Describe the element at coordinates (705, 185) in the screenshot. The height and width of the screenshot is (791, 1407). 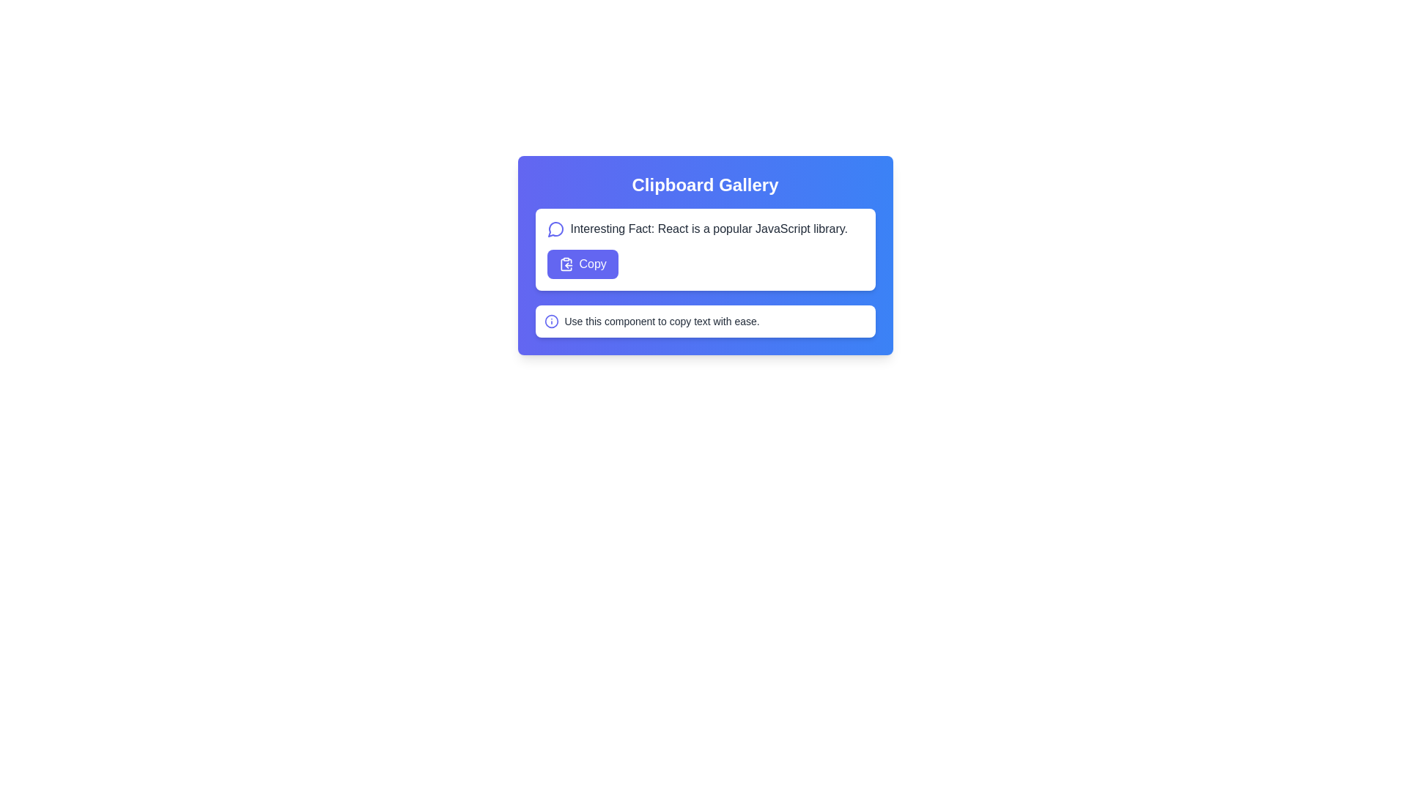
I see `text displayed in the bold, white font saying 'Clipboard Gallery' located at the top of the card with a gradient background` at that location.